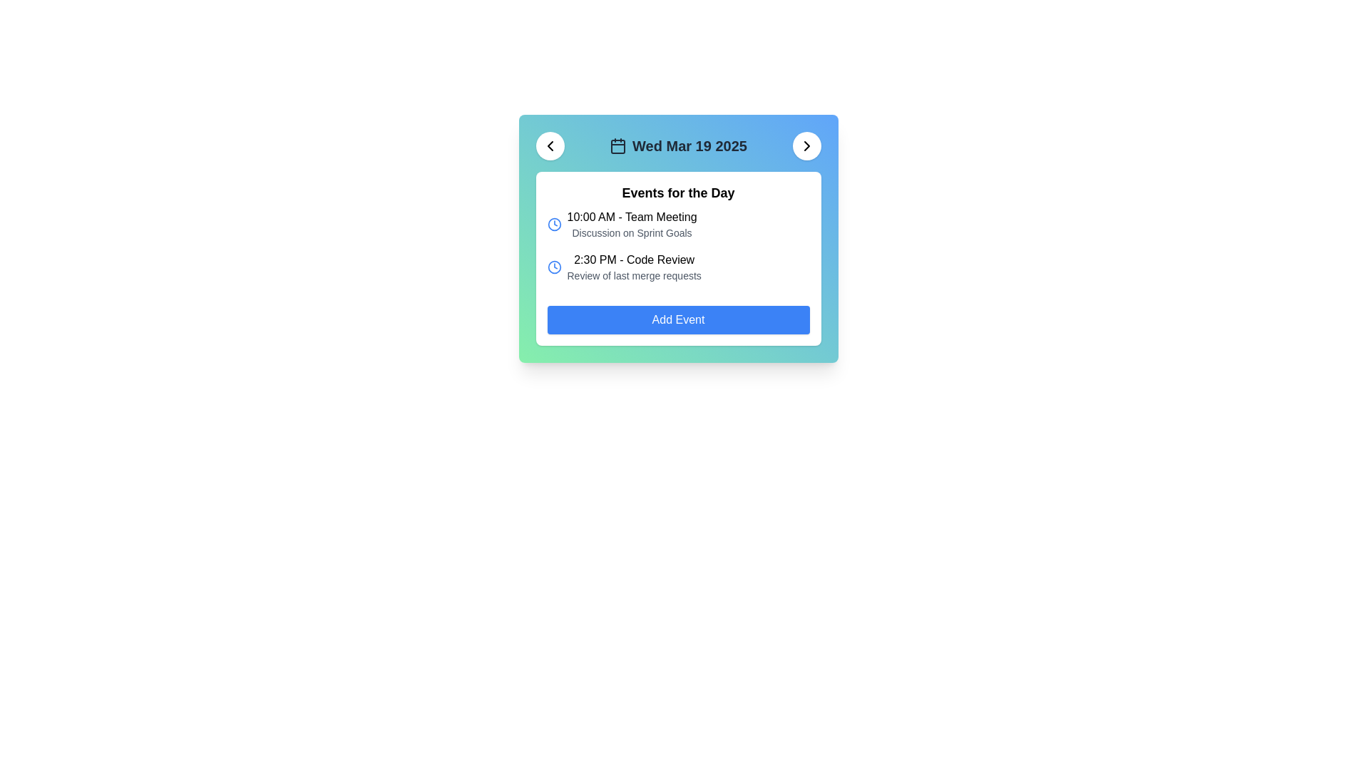  Describe the element at coordinates (633, 275) in the screenshot. I see `the text label that provides additional descriptive information about the '2:30 PM - Code Review' event, which is positioned directly beneath the event title in the main content section under the 'Events for the Day' header` at that location.